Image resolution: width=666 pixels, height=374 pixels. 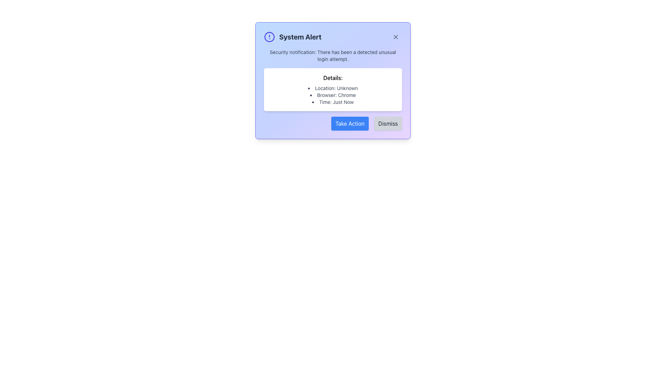 What do you see at coordinates (396, 37) in the screenshot?
I see `the 'X' close icon, which is a small gray vector graphic located in the top-right corner of the modal dialog box` at bounding box center [396, 37].